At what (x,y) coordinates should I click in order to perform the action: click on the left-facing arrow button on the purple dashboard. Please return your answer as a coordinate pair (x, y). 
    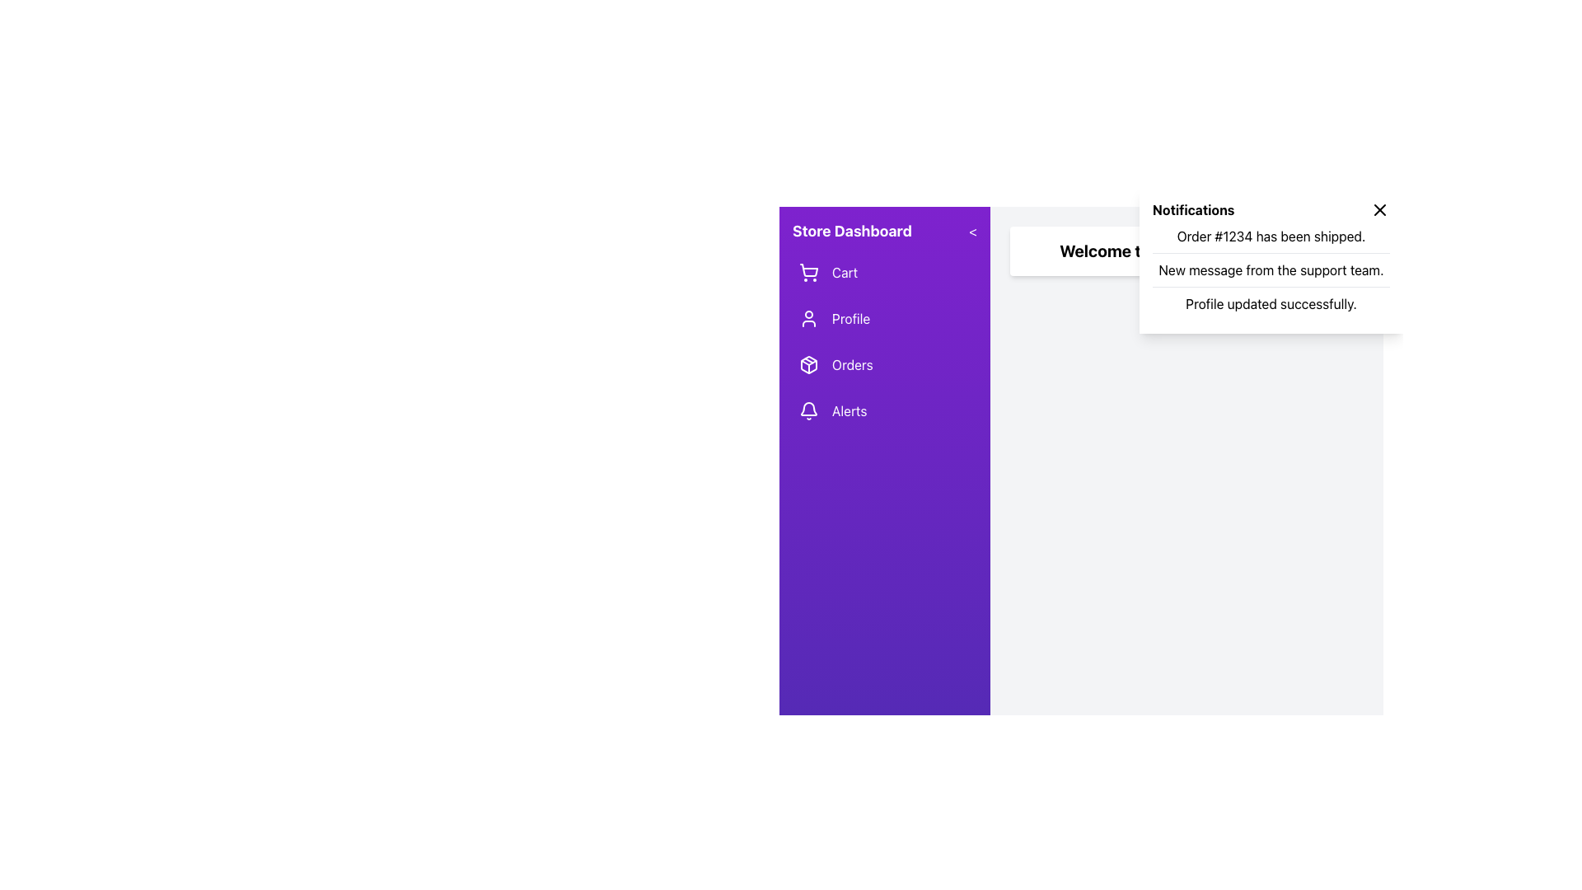
    Looking at the image, I should click on (973, 232).